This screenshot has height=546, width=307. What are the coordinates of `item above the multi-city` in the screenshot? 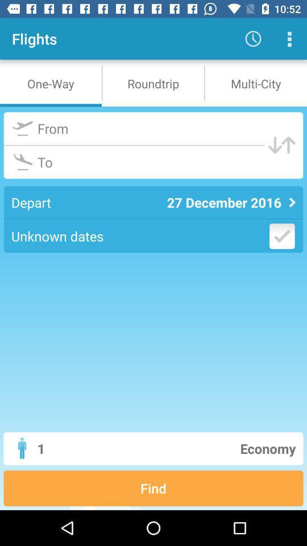 It's located at (289, 39).